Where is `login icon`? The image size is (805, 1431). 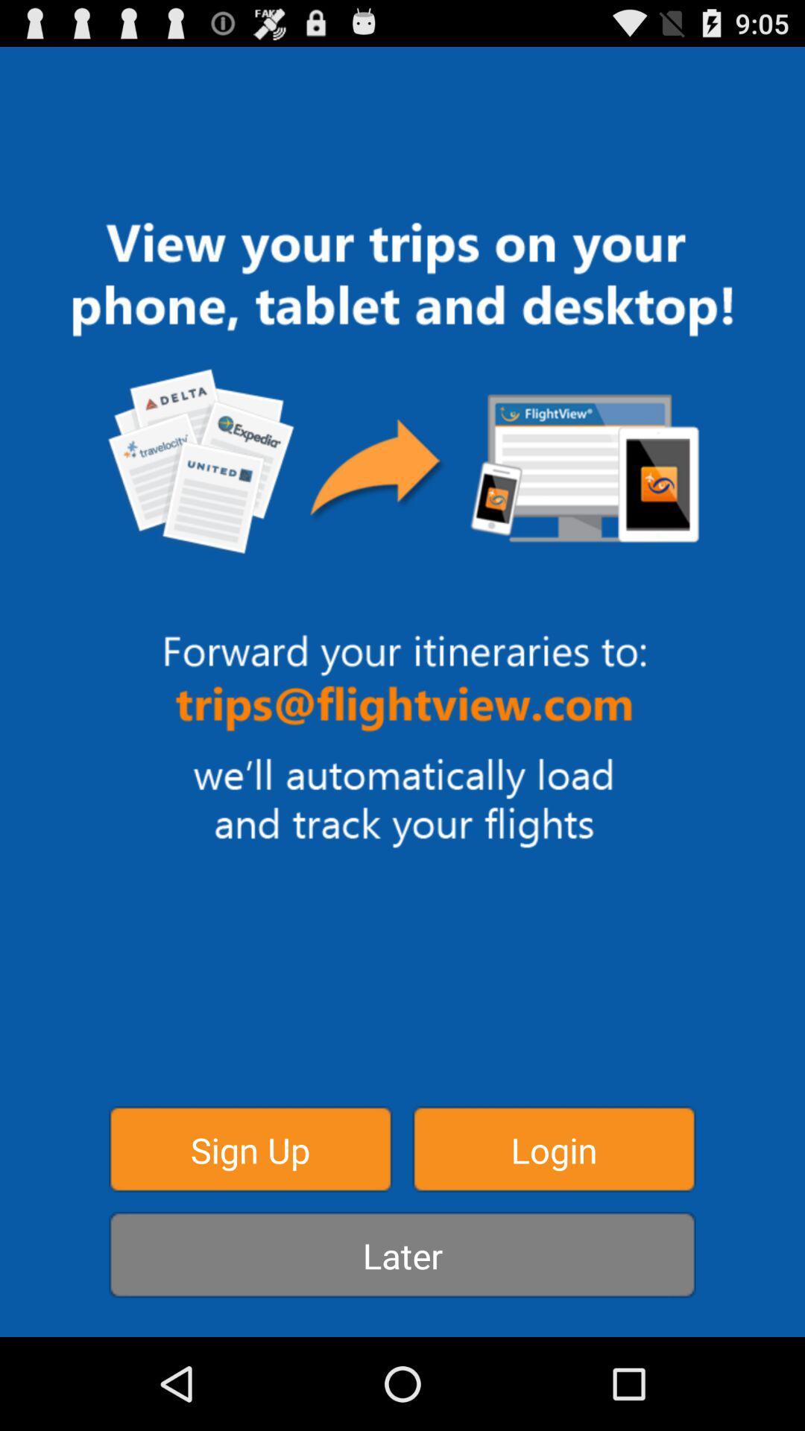 login icon is located at coordinates (554, 1148).